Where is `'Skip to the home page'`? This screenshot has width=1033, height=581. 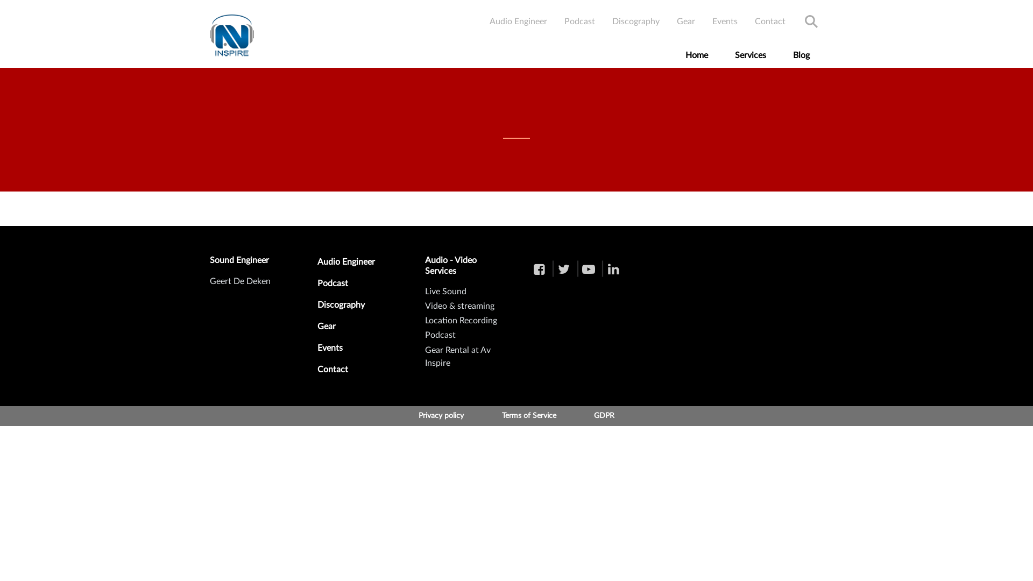
'Skip to the home page' is located at coordinates (231, 35).